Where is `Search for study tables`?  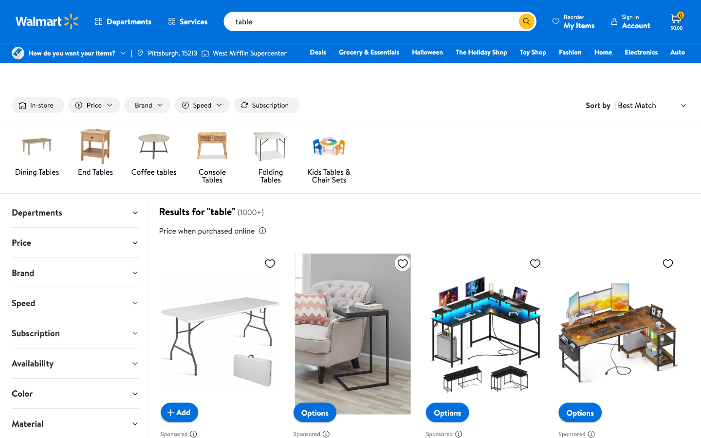
Search for study tables is located at coordinates (511, 21).